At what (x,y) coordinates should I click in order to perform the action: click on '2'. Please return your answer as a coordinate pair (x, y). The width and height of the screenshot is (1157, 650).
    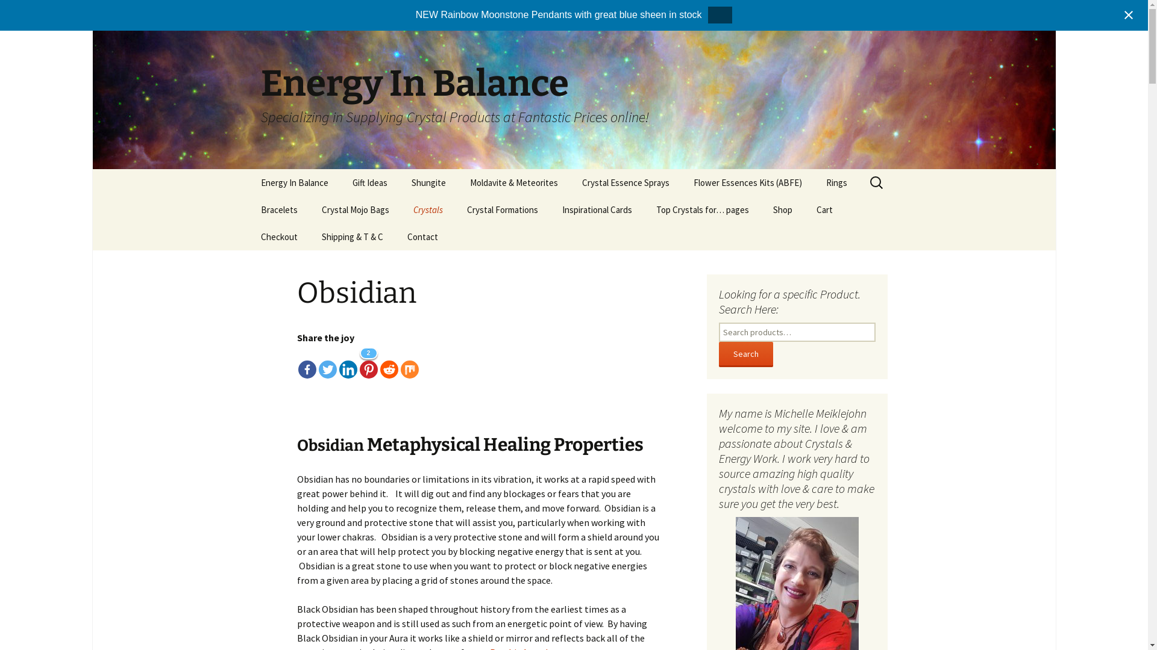
    Looking at the image, I should click on (367, 361).